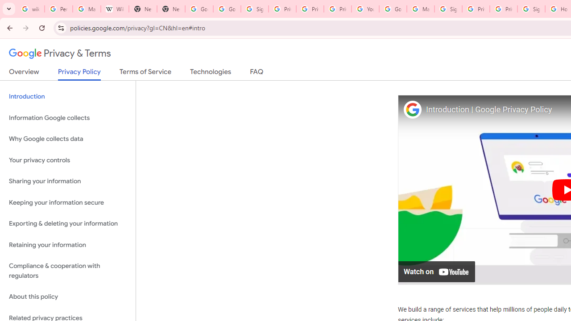  What do you see at coordinates (227, 9) in the screenshot?
I see `'Google Drive: Sign-in'` at bounding box center [227, 9].